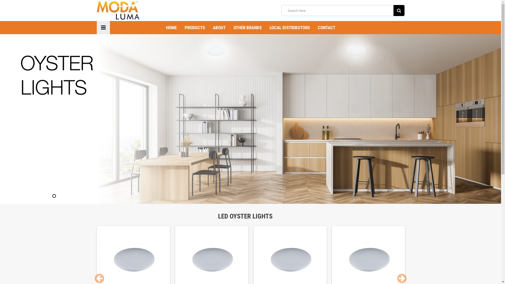 This screenshot has width=505, height=284. I want to click on '1', so click(54, 196).